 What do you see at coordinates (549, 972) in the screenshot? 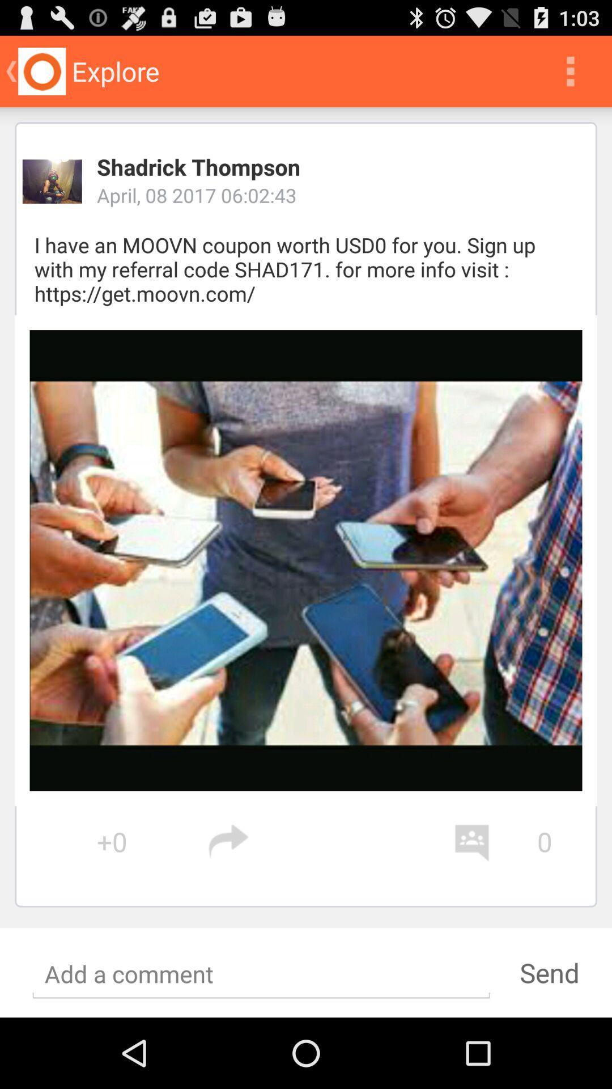
I see `send at the bottom of the page` at bounding box center [549, 972].